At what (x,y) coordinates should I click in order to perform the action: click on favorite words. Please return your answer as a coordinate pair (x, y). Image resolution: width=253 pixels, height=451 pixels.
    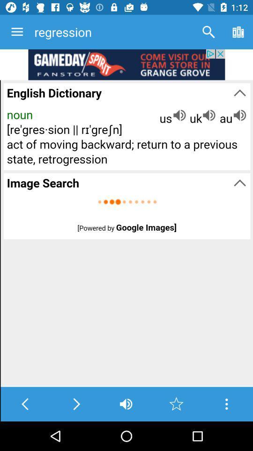
    Looking at the image, I should click on (176, 404).